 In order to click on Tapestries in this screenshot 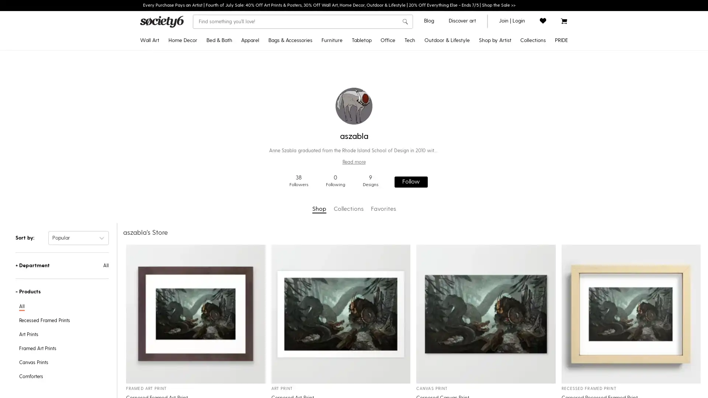, I will do `click(197, 59)`.